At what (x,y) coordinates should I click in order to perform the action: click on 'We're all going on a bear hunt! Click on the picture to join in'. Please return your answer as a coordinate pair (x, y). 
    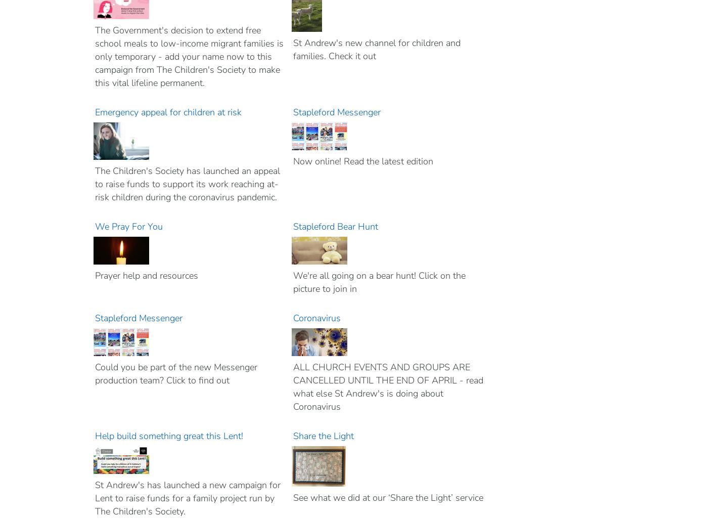
    Looking at the image, I should click on (293, 282).